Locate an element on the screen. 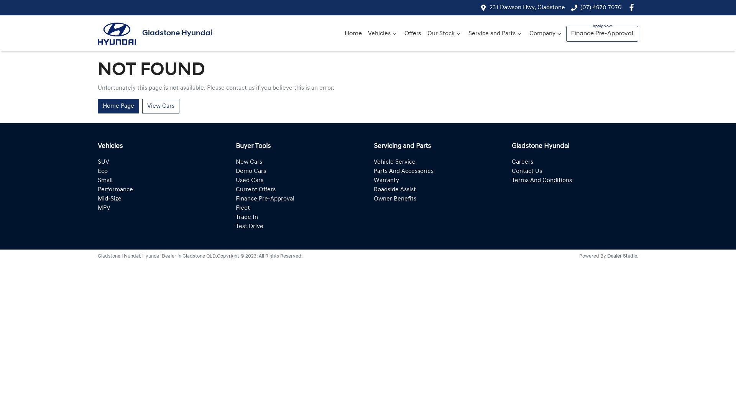  'Careers' is located at coordinates (522, 162).